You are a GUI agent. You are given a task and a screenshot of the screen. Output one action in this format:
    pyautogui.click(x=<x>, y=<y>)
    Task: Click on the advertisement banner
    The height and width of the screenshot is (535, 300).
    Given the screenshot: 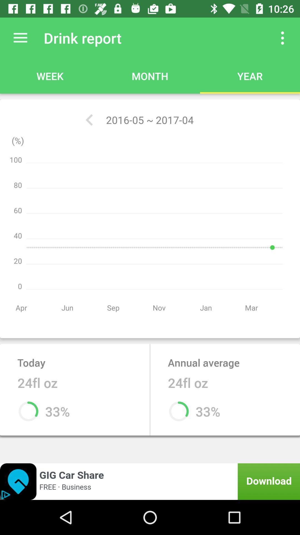 What is the action you would take?
    pyautogui.click(x=150, y=481)
    